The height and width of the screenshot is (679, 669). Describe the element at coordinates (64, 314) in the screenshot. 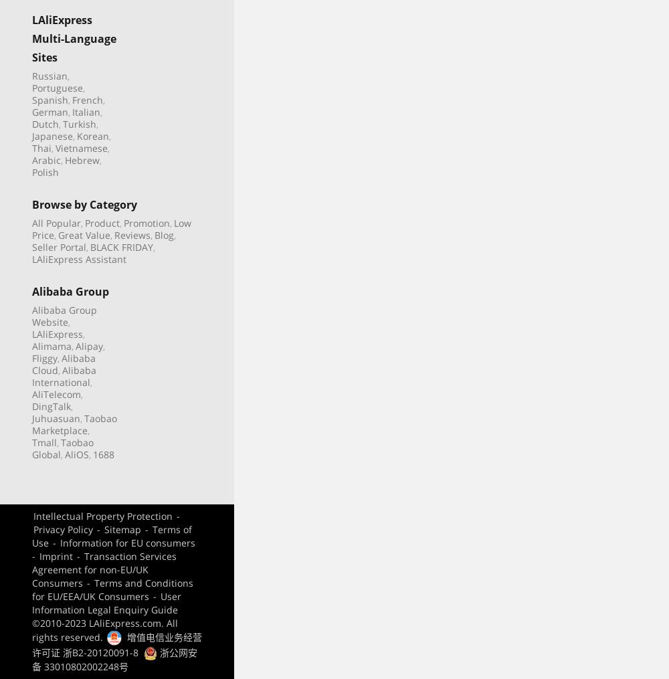

I see `'Alibaba Group Website'` at that location.